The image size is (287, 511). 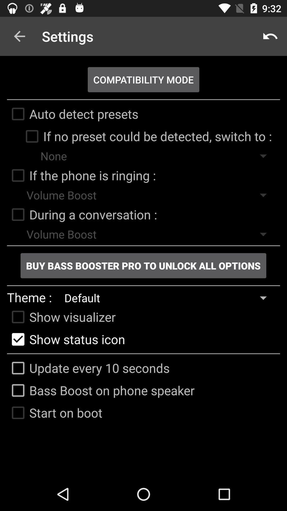 I want to click on icon to the left of settings item, so click(x=19, y=36).